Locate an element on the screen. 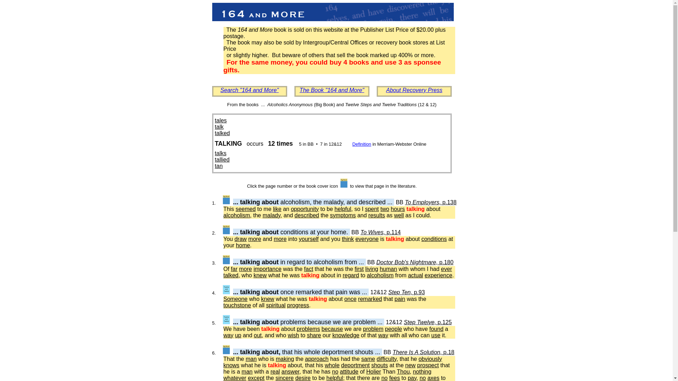 The width and height of the screenshot is (678, 381). 'deportment' is located at coordinates (355, 365).